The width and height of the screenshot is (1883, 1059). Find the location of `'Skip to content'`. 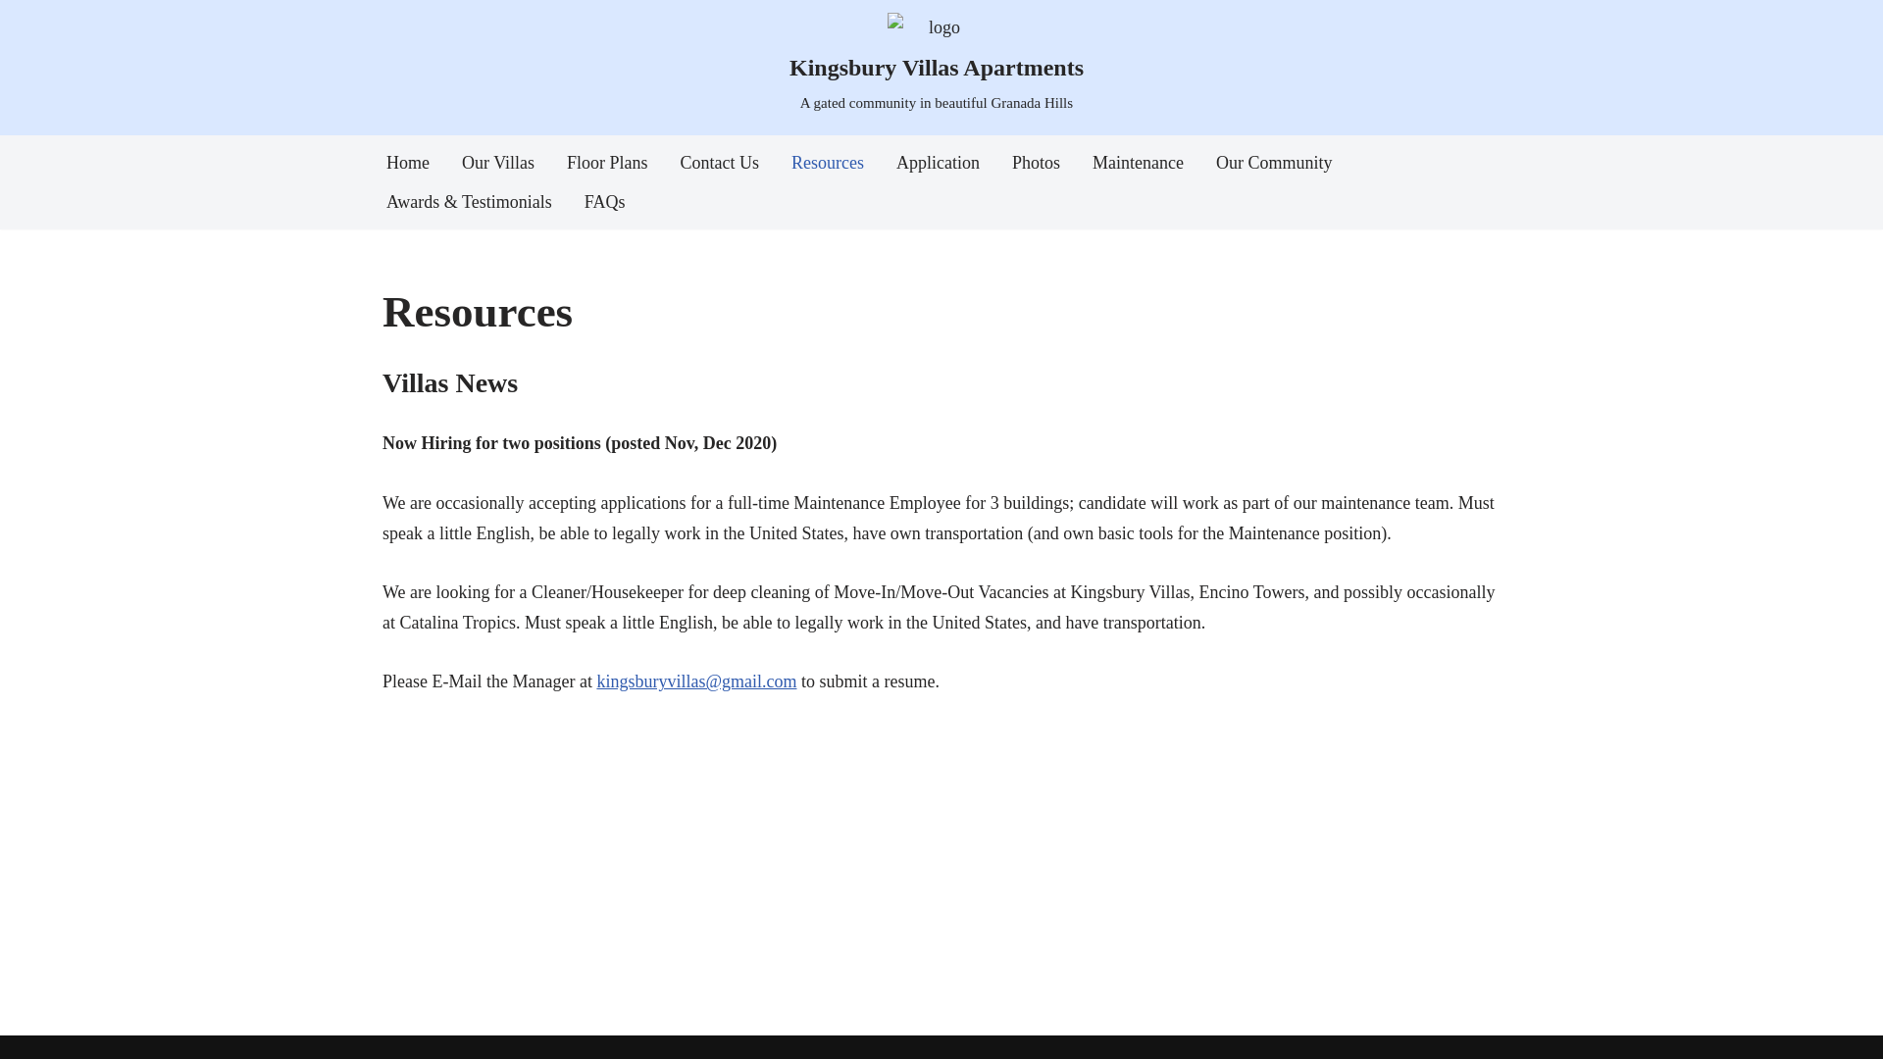

'Skip to content' is located at coordinates (14, 41).